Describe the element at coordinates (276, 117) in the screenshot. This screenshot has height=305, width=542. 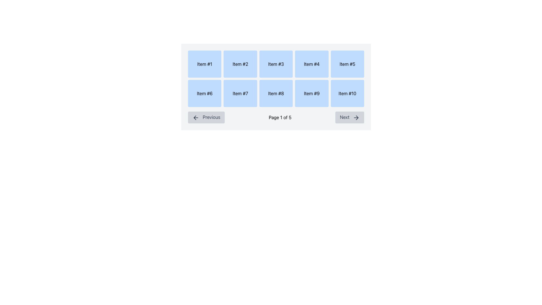
I see `page information displayed at the center of the Pagination Control, which shows 'Page 1 of 5'` at that location.